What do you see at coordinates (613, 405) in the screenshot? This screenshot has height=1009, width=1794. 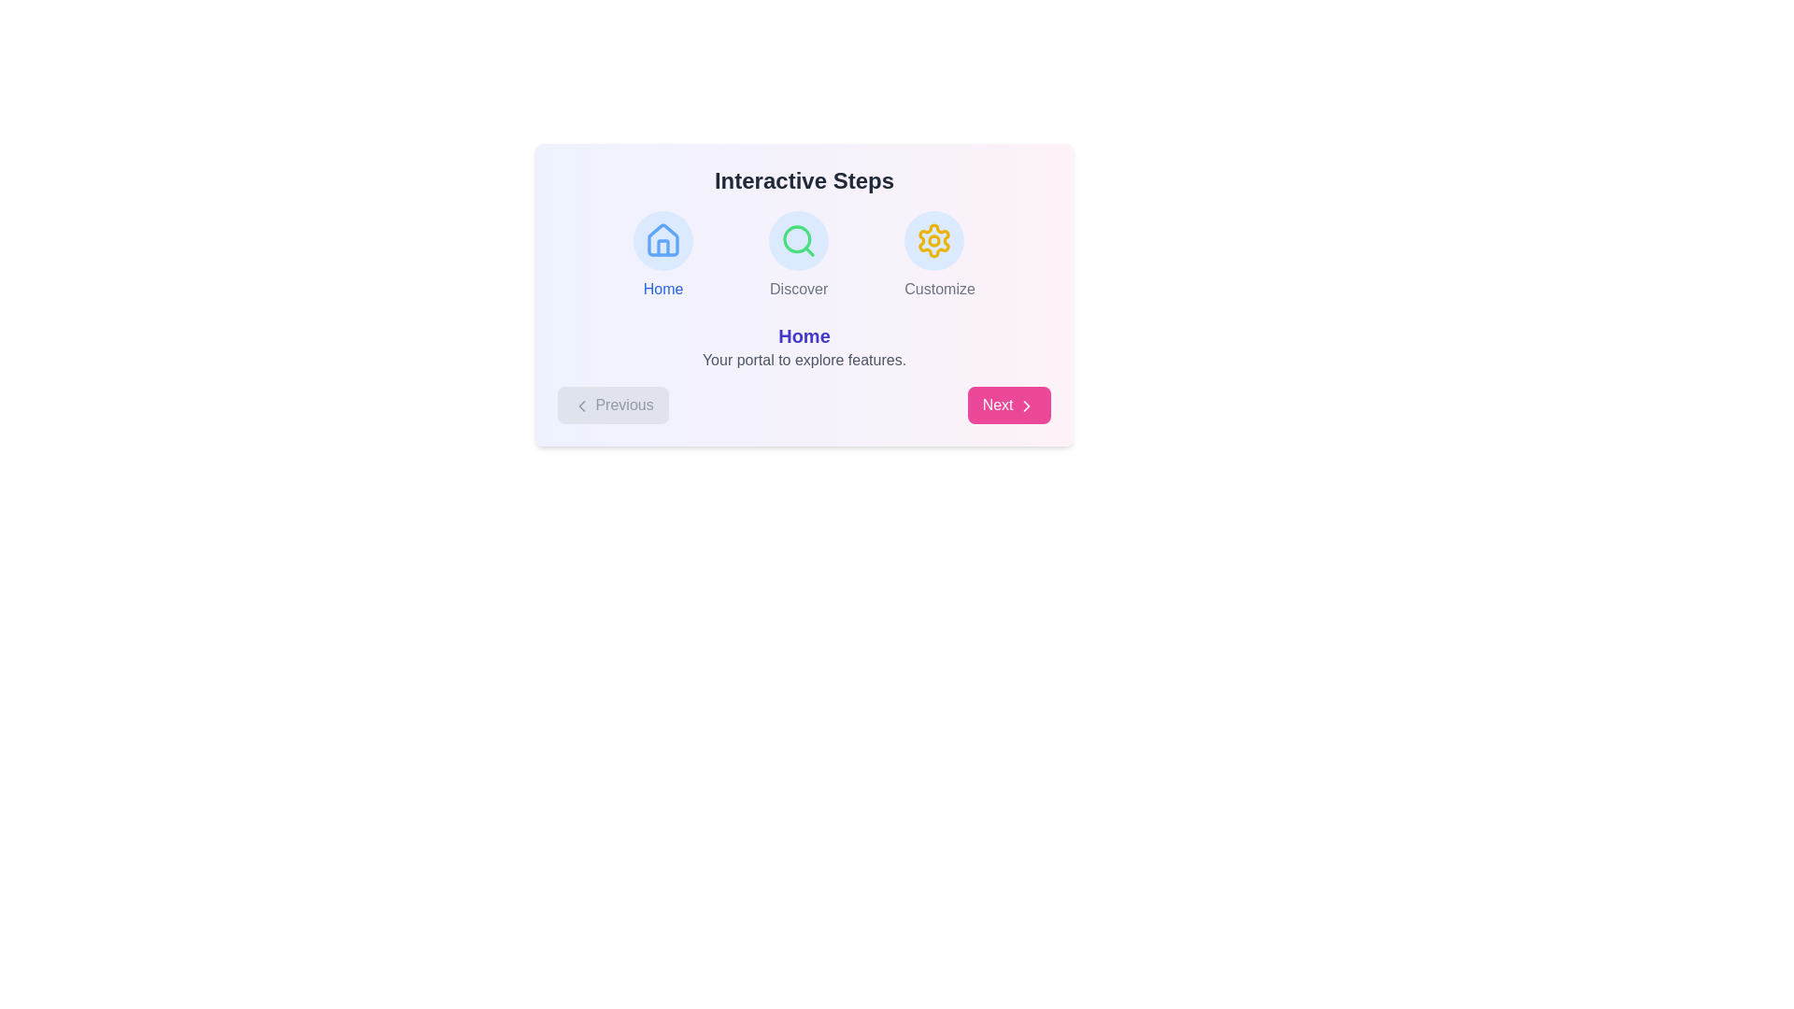 I see `the 'Previous' button which has a gray background and a chevron icon pointing left, located in the bottom-left of the navigation group` at bounding box center [613, 405].